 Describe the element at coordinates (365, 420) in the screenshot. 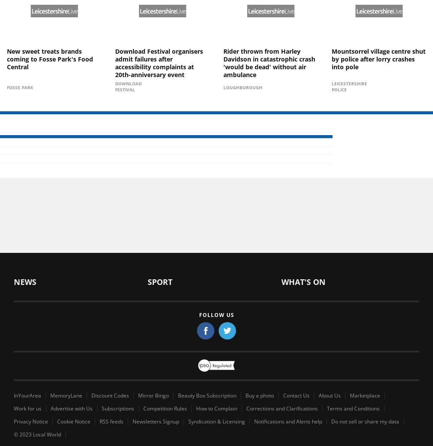

I see `'Do not sell or share my data'` at that location.